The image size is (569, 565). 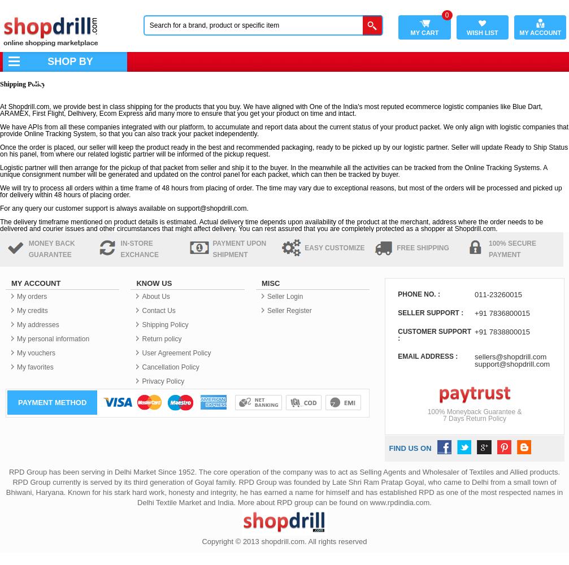 What do you see at coordinates (497, 294) in the screenshot?
I see `'011-23260015'` at bounding box center [497, 294].